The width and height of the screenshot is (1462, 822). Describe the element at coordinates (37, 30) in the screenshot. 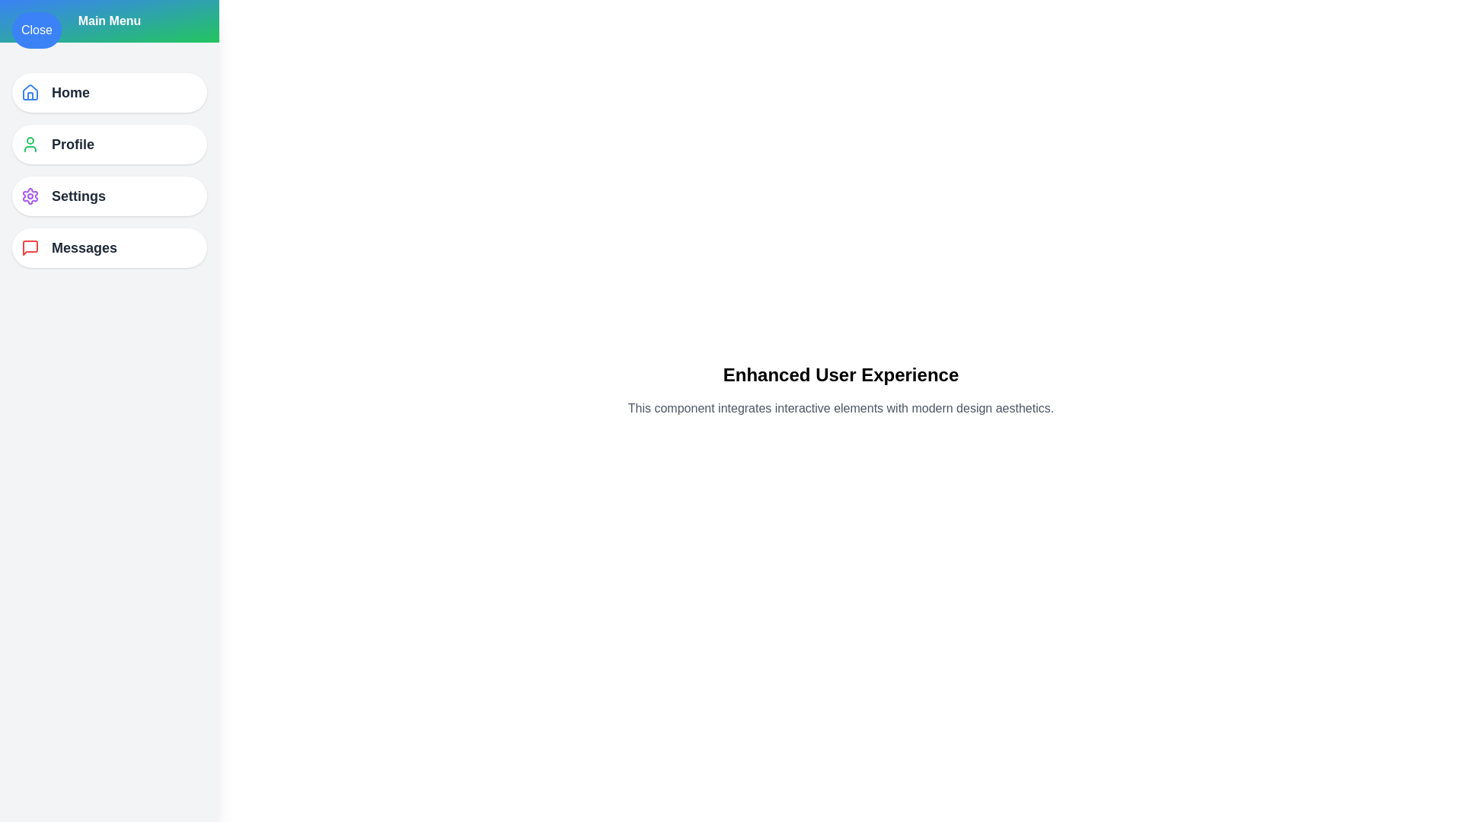

I see `the 'Close' button to toggle the drawer state` at that location.